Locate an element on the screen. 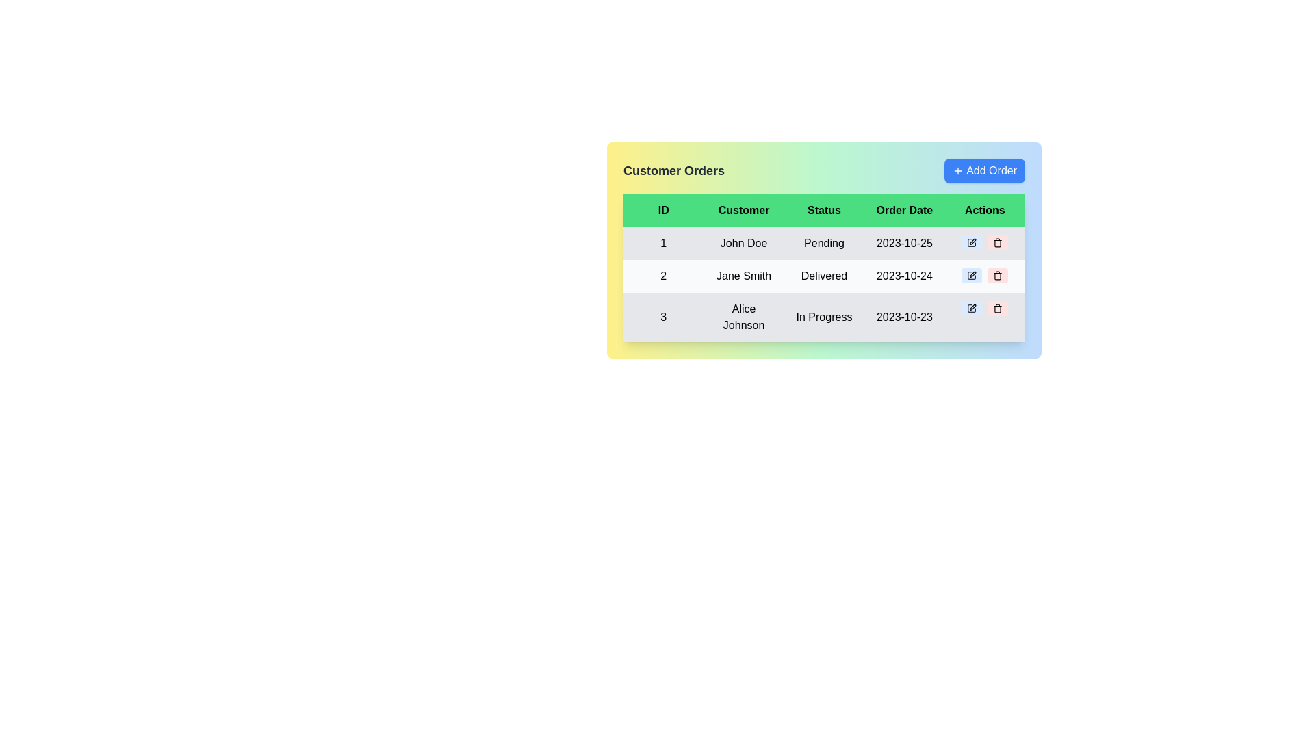 This screenshot has height=739, width=1314. the 'Edit' button located in the 'Actions' column of the first row of the table is located at coordinates (971, 242).